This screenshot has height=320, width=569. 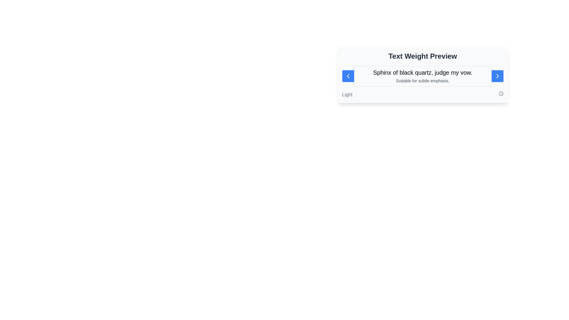 What do you see at coordinates (348, 76) in the screenshot?
I see `the left-facing chevron icon within the blue button located at the far left of the text display panel` at bounding box center [348, 76].